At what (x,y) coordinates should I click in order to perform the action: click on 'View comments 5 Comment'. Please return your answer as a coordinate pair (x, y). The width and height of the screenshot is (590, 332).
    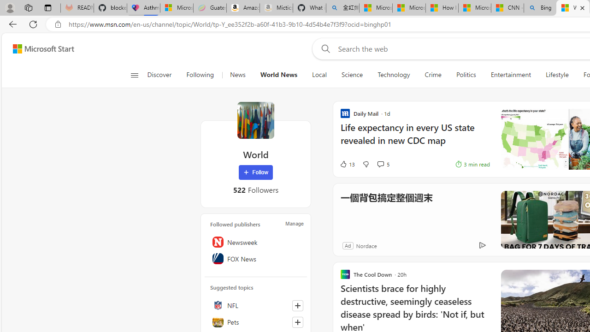
    Looking at the image, I should click on (383, 164).